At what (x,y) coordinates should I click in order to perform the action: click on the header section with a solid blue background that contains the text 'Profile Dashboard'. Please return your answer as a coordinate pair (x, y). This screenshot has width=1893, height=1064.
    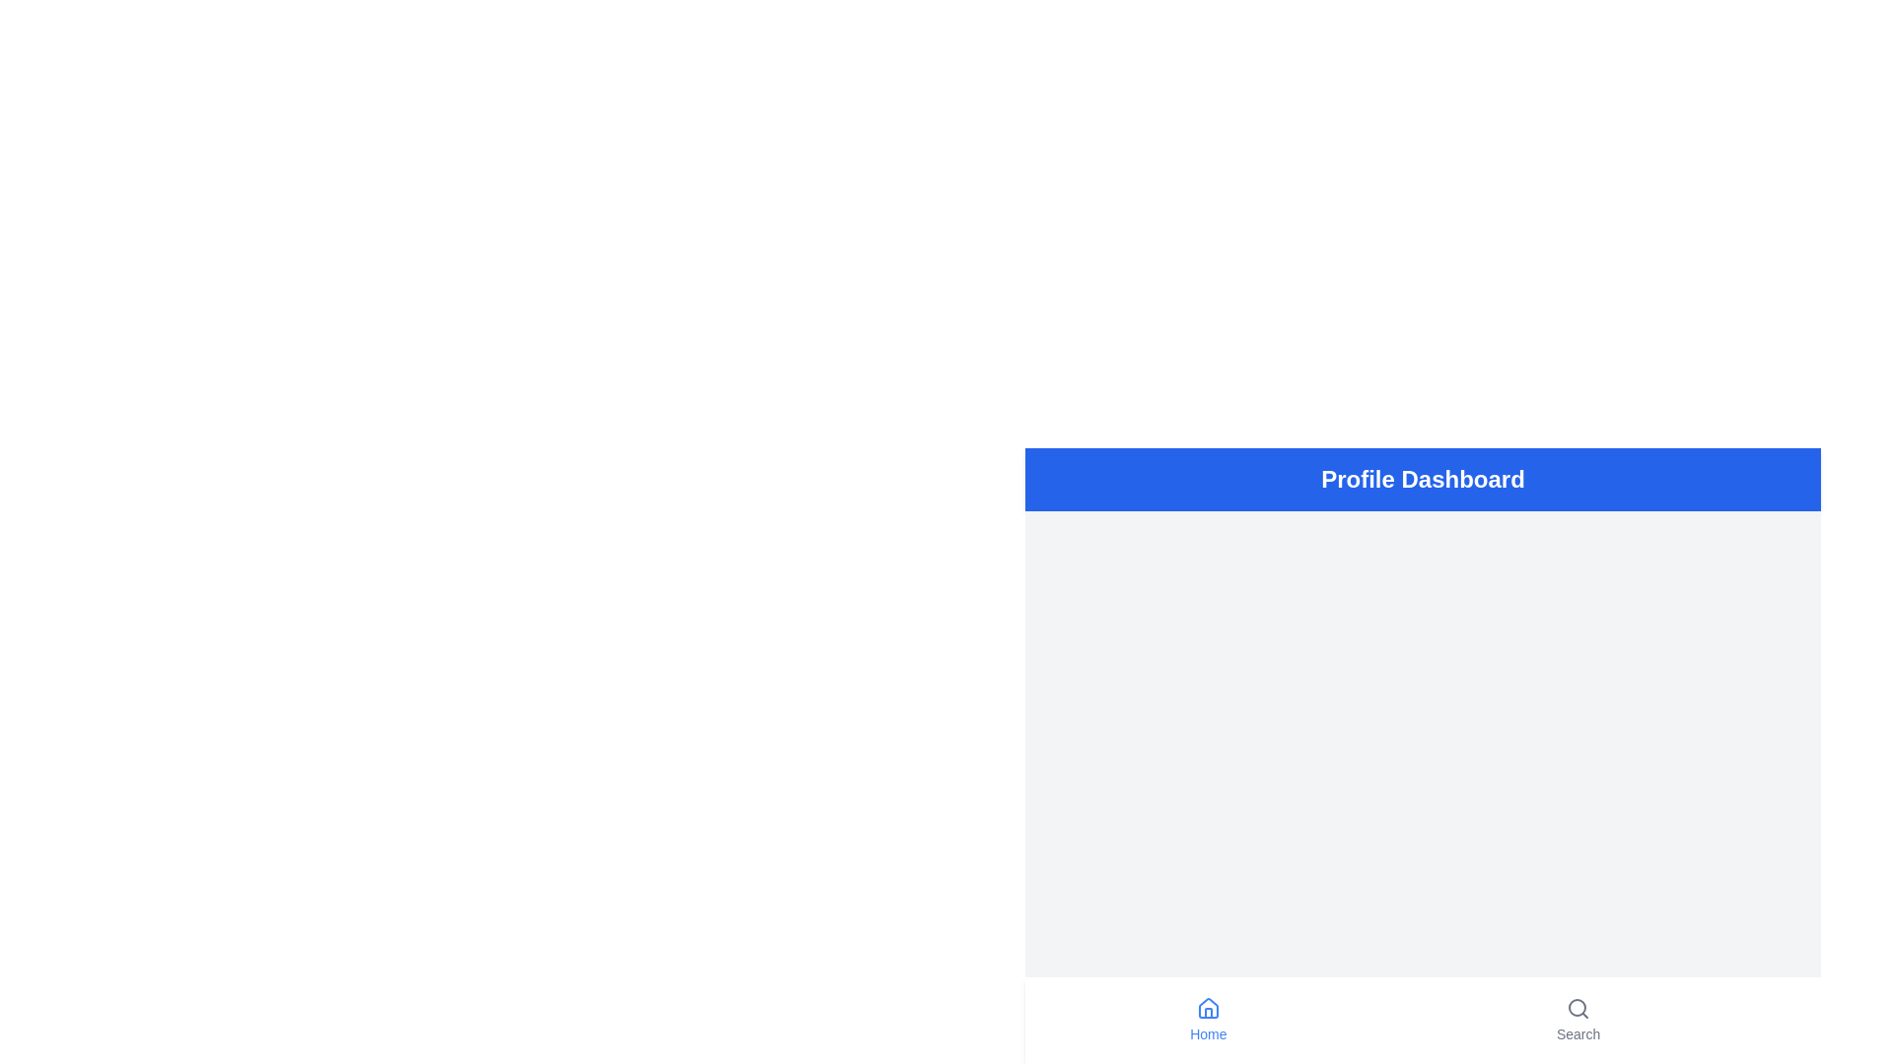
    Looking at the image, I should click on (1423, 479).